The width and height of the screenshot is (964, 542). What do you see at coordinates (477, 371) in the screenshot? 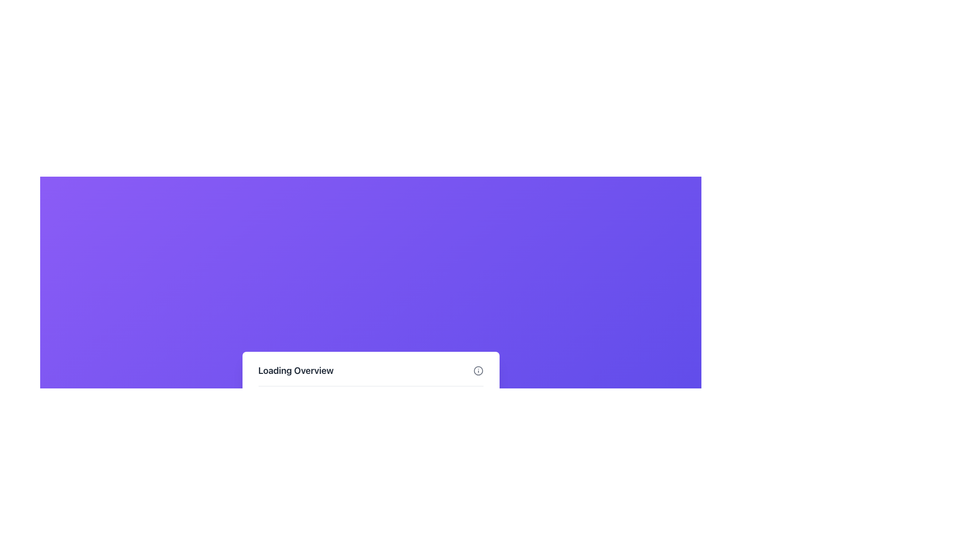
I see `the circular graphical decoration within the information icon located on the right side of the 'Loading Overview' card UI element` at bounding box center [477, 371].